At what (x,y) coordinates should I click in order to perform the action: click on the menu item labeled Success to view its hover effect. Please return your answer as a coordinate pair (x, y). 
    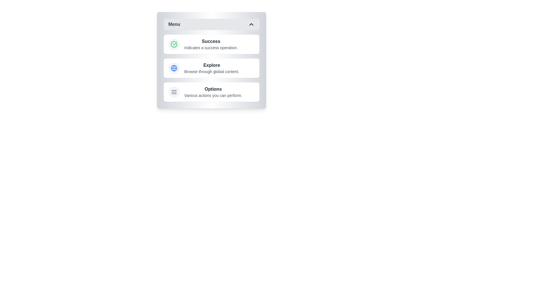
    Looking at the image, I should click on (211, 44).